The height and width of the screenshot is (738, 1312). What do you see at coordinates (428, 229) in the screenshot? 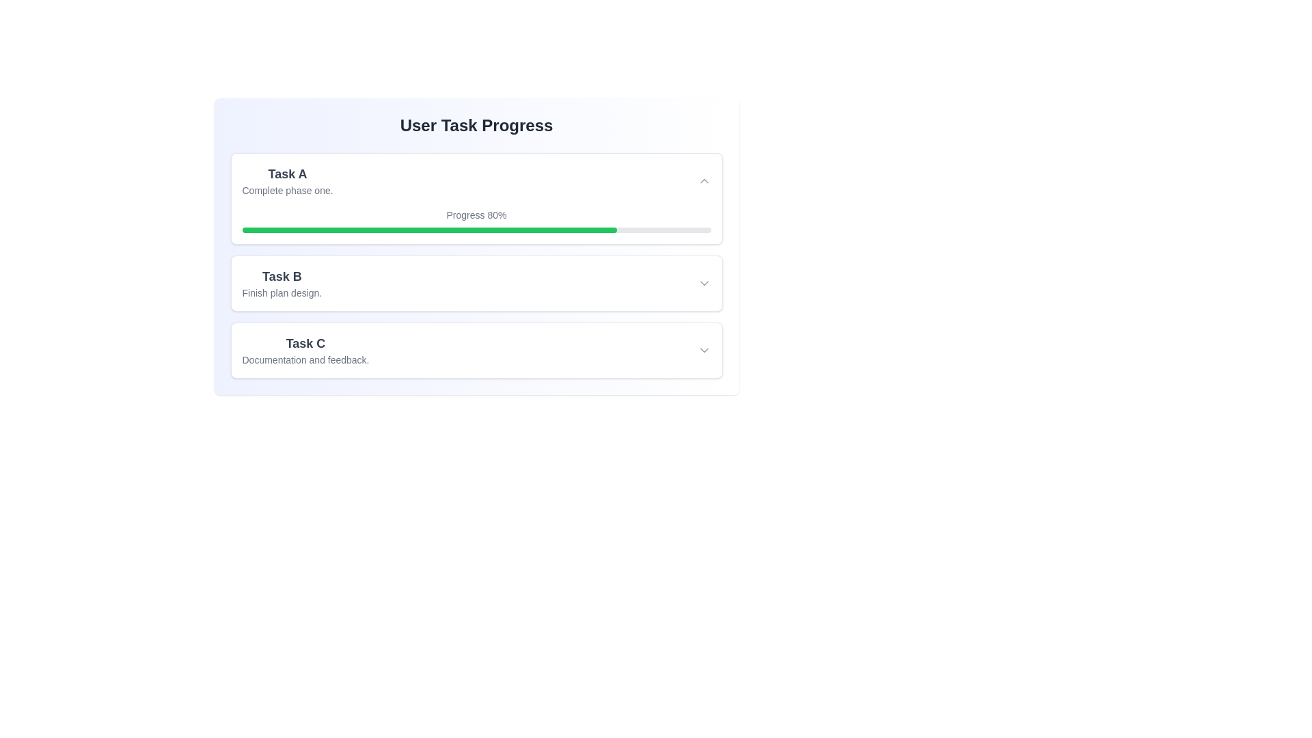
I see `the green progress bar that visually represents 80% completion, located below the label 'Progress 80%'` at bounding box center [428, 229].